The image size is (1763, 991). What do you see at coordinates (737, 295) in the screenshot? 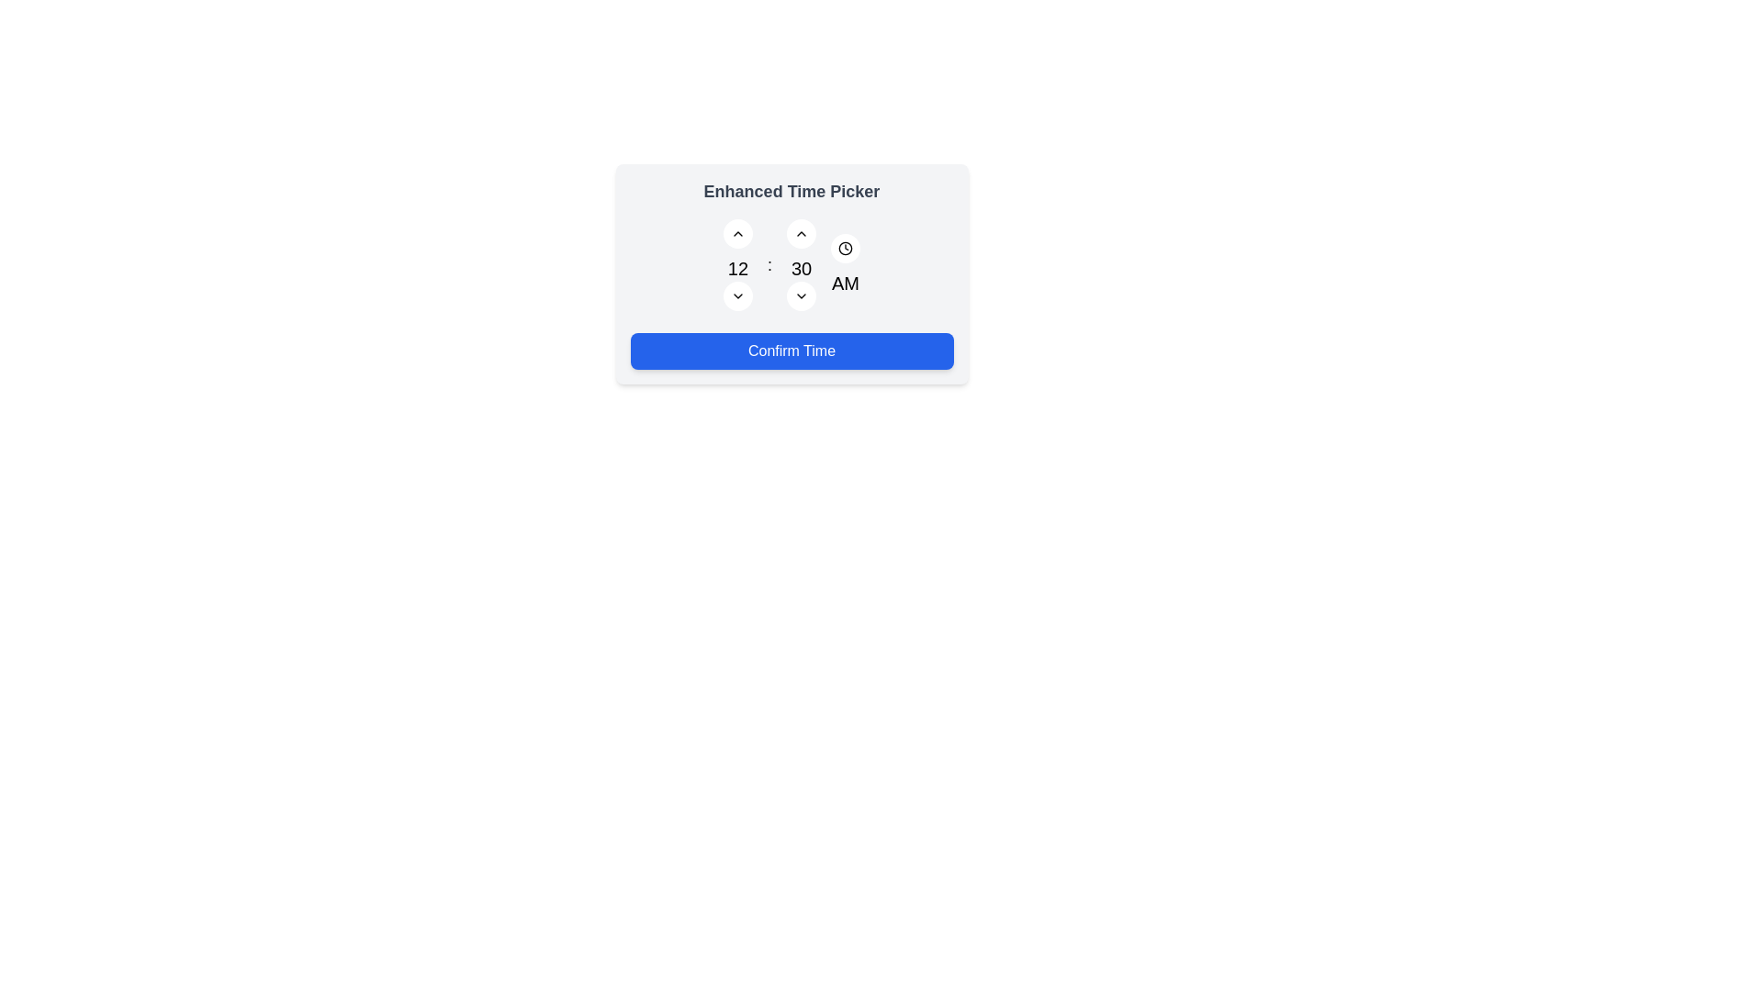
I see `the chevron-down icon within the rounded white circular button located below the number '12' in the time selection interface to observe visual feedback` at bounding box center [737, 295].